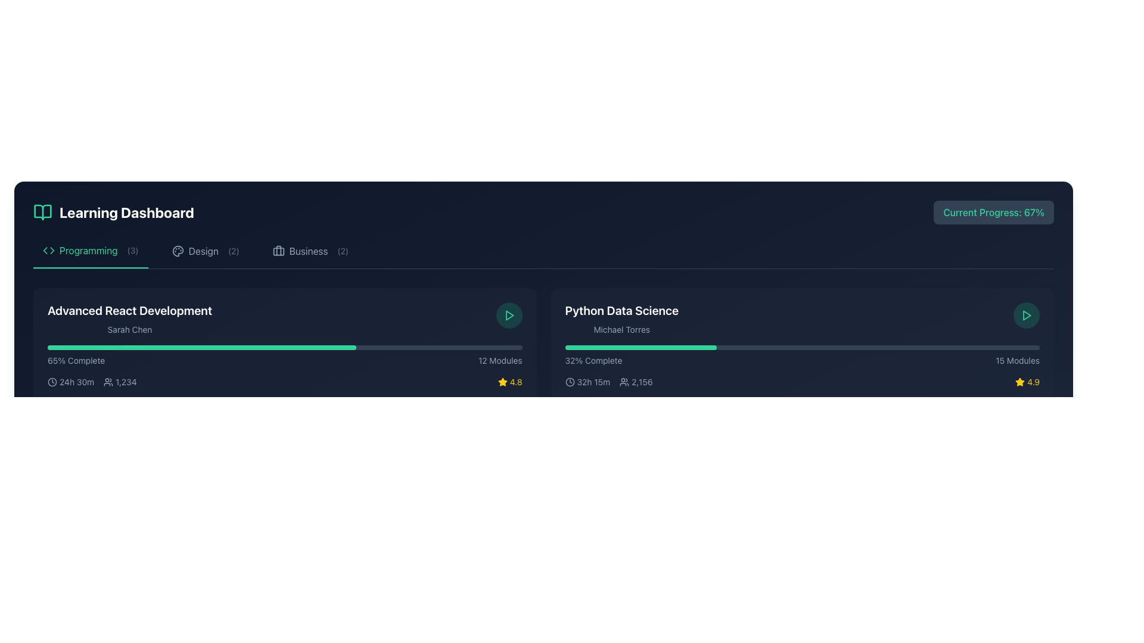 Image resolution: width=1144 pixels, height=643 pixels. What do you see at coordinates (609, 382) in the screenshot?
I see `the icons next to the duration '32h 15m' and attendee count '2,156' in the Informative Text Cluster within the 'Python Data Science' course card` at bounding box center [609, 382].